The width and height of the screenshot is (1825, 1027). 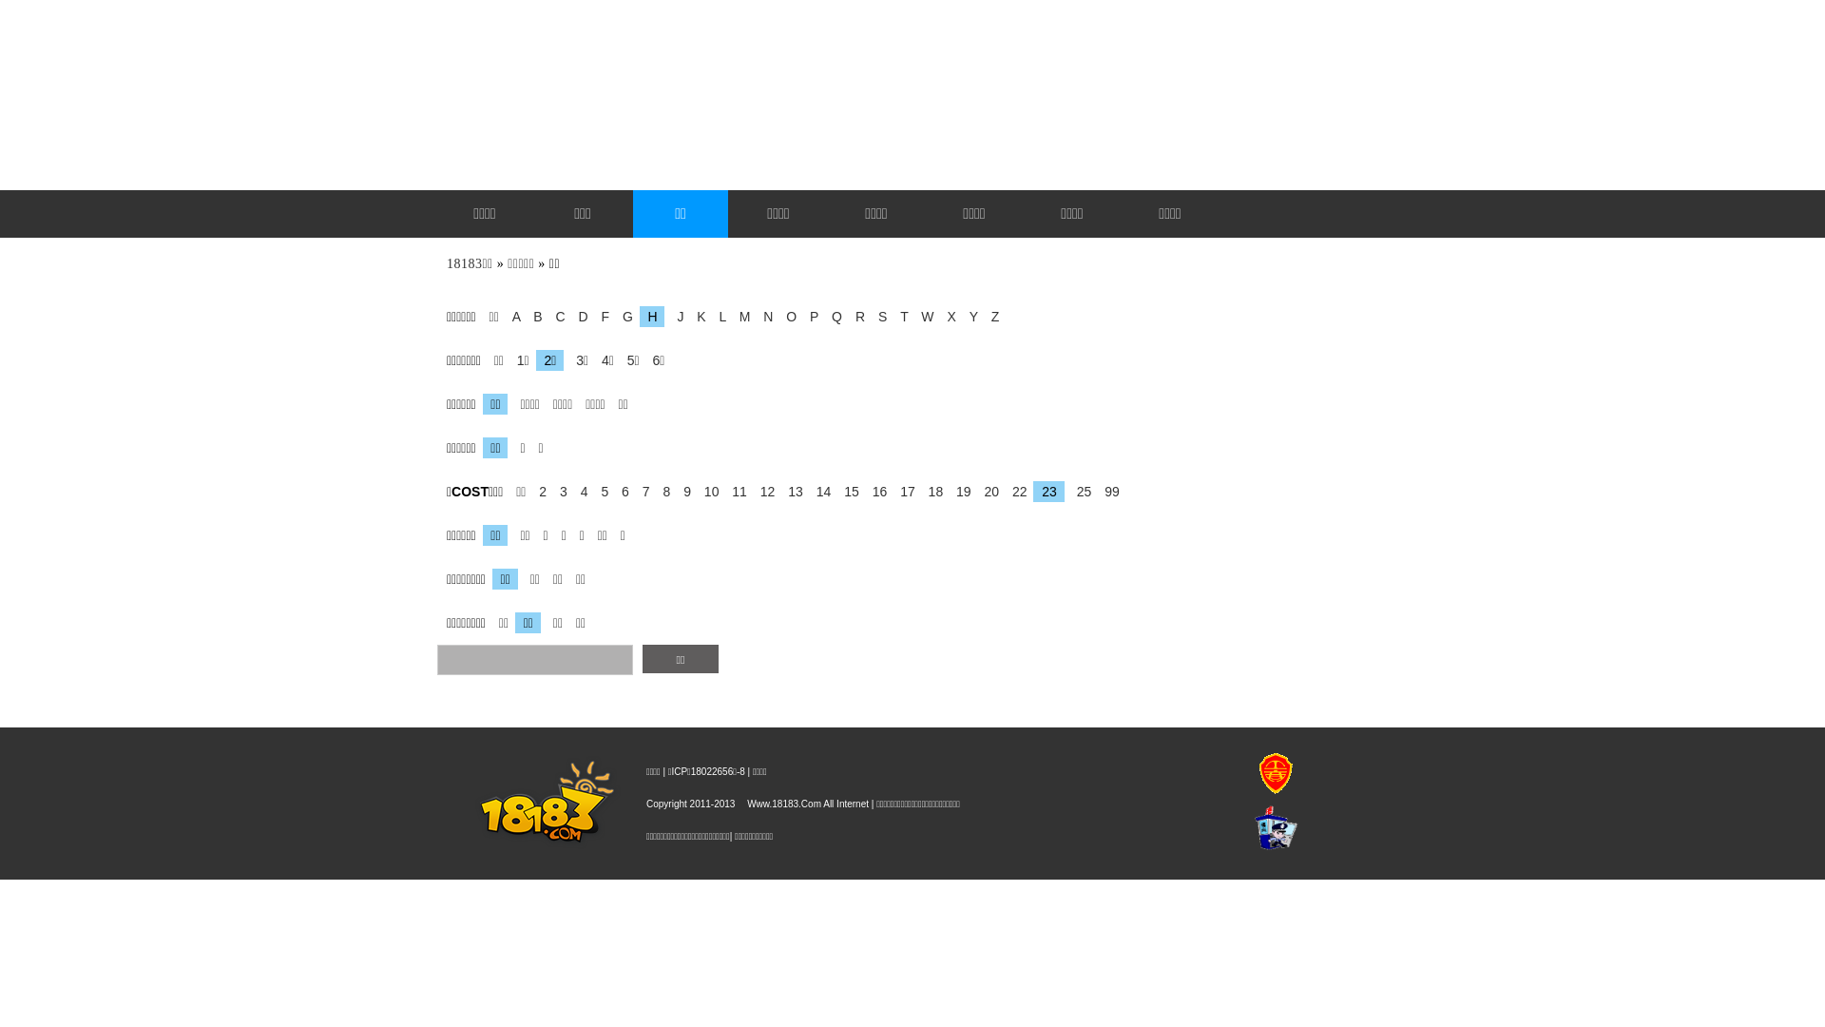 What do you see at coordinates (652, 490) in the screenshot?
I see `'8'` at bounding box center [652, 490].